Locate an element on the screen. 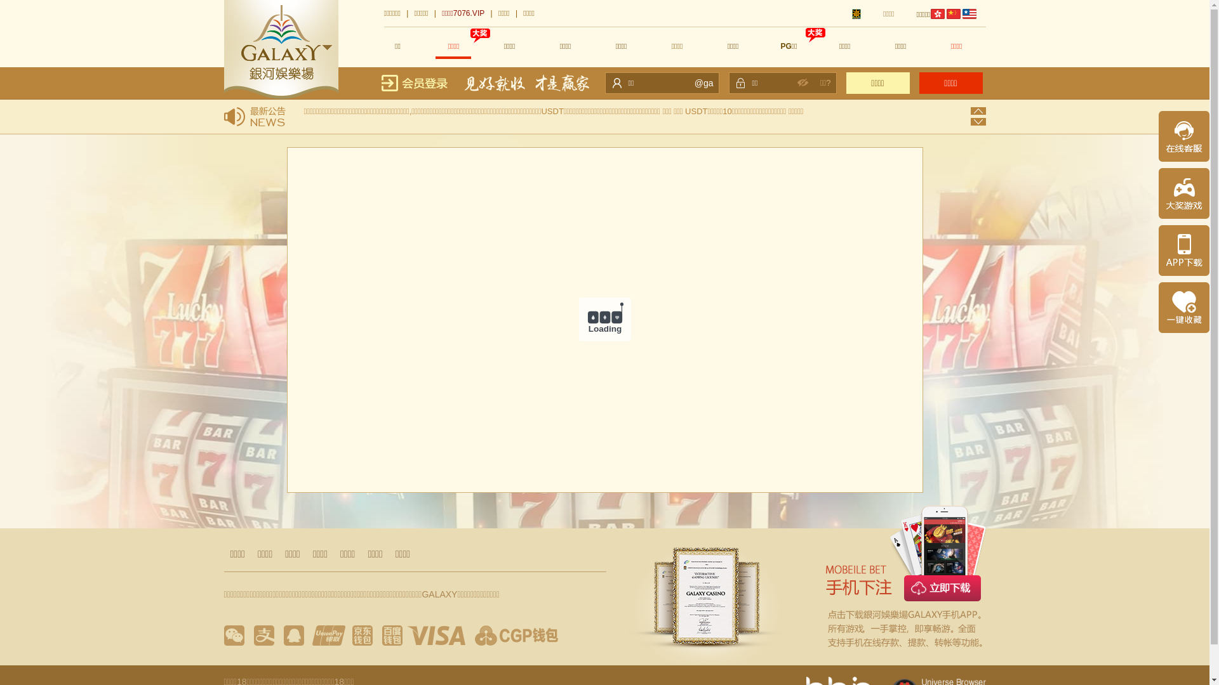 This screenshot has height=685, width=1219. 'English' is located at coordinates (968, 14).